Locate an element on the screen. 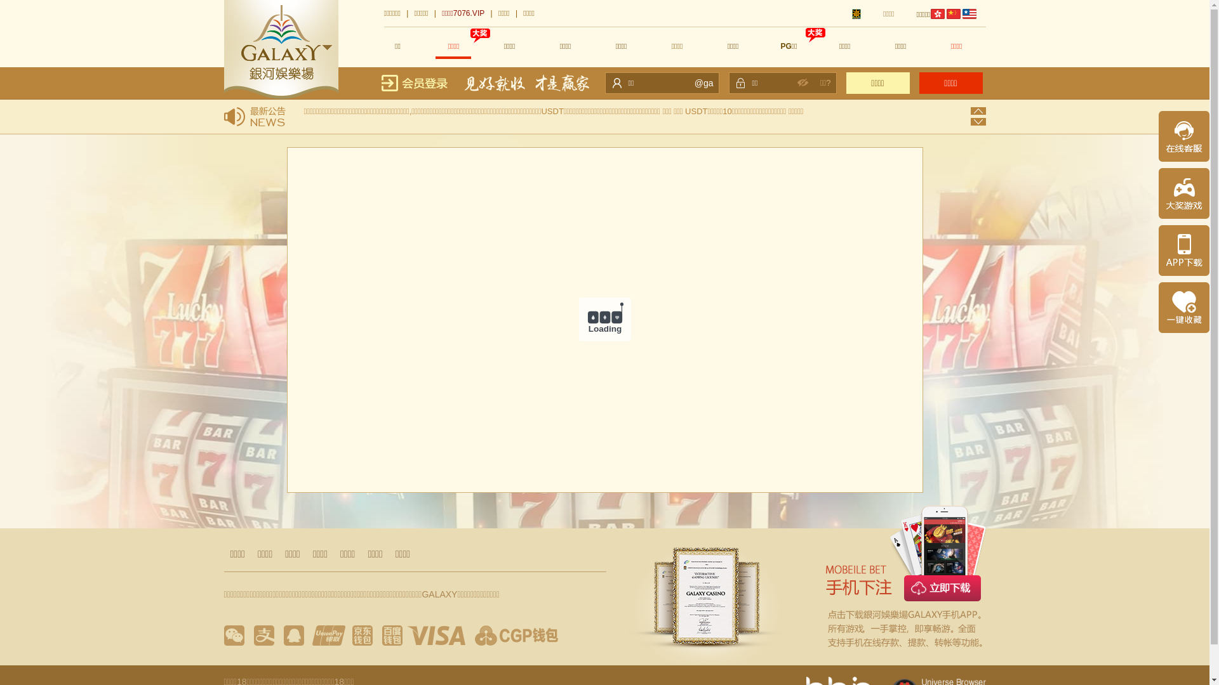 This screenshot has height=685, width=1219. 'English' is located at coordinates (968, 14).